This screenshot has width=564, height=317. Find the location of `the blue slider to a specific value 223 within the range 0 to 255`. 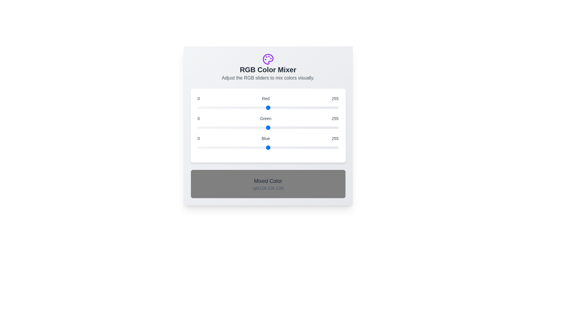

the blue slider to a specific value 223 within the range 0 to 255 is located at coordinates (320, 147).